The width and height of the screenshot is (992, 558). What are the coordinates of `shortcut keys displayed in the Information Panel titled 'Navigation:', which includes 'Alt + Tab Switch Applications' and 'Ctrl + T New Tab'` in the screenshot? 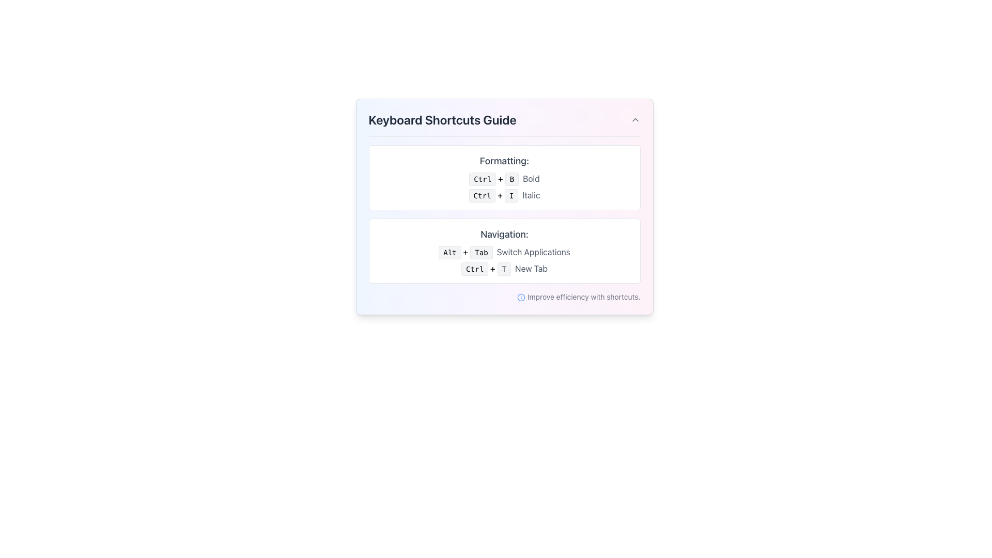 It's located at (504, 251).